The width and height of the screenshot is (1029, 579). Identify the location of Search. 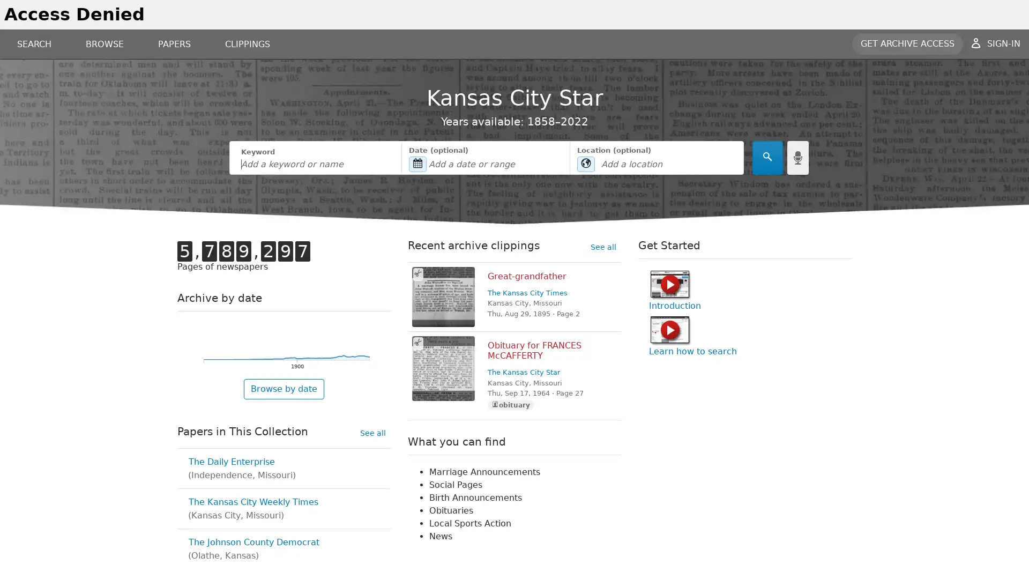
(766, 158).